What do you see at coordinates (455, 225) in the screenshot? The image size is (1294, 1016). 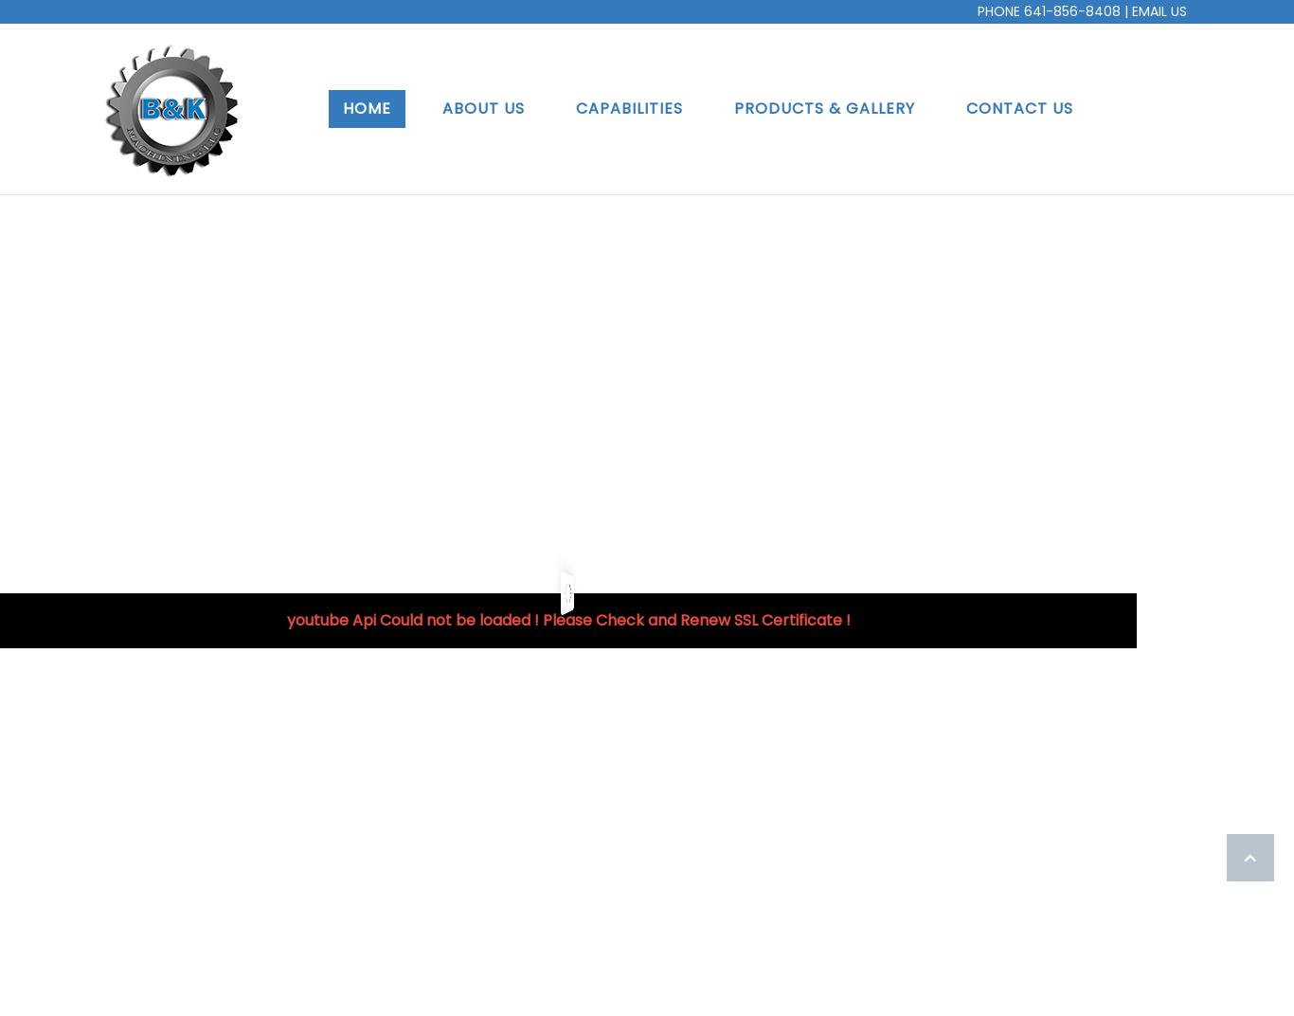 I see `'Mission'` at bounding box center [455, 225].